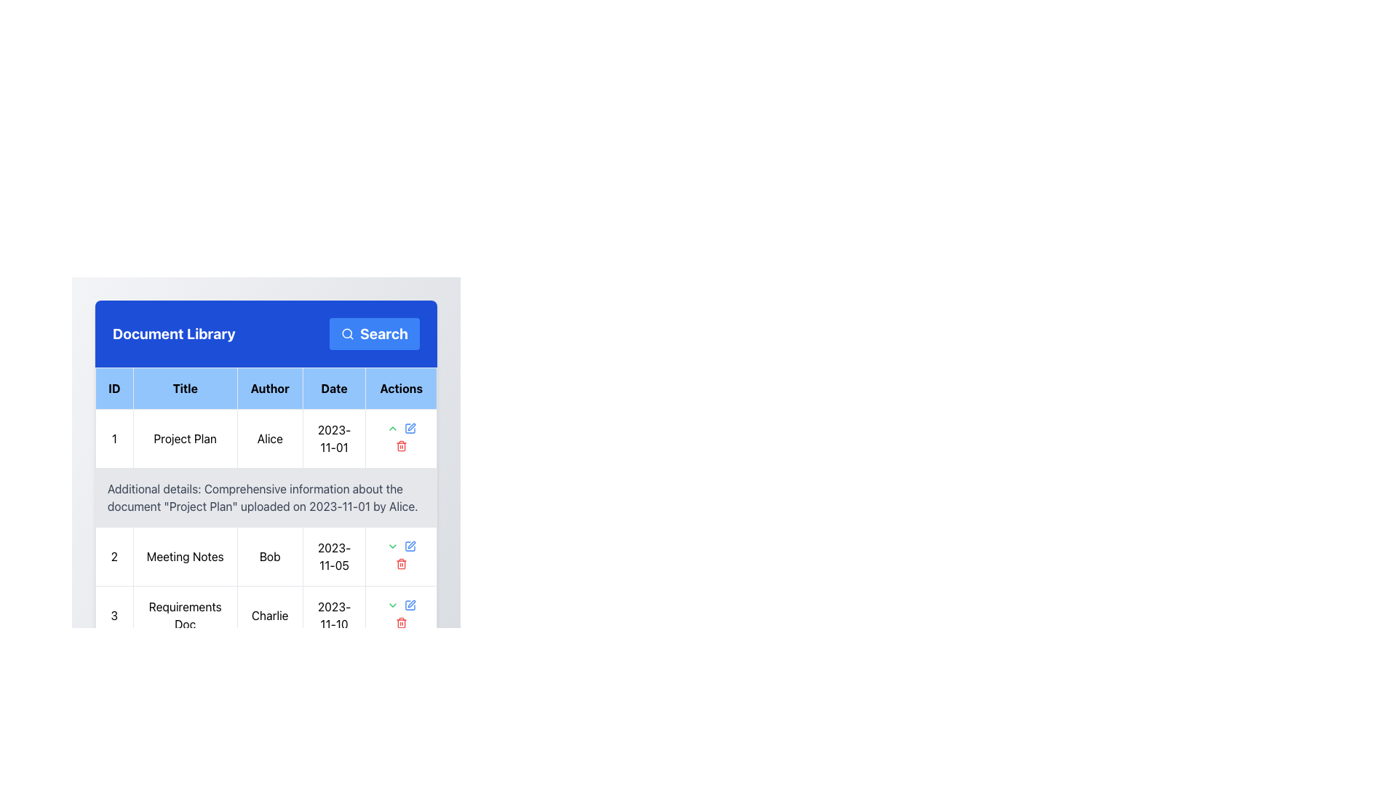 This screenshot has width=1397, height=786. I want to click on the 'Date' header label in the table, which is the fourth cell in the header row, positioned between 'Author' and 'Actions', so click(333, 387).